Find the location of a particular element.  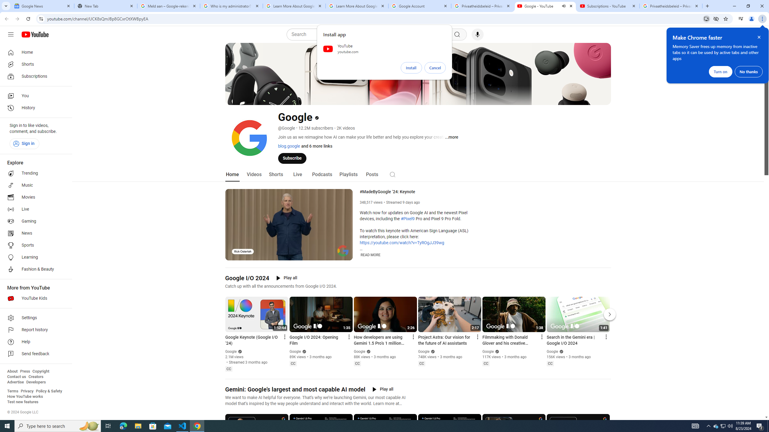

'Turn on' is located at coordinates (720, 71).